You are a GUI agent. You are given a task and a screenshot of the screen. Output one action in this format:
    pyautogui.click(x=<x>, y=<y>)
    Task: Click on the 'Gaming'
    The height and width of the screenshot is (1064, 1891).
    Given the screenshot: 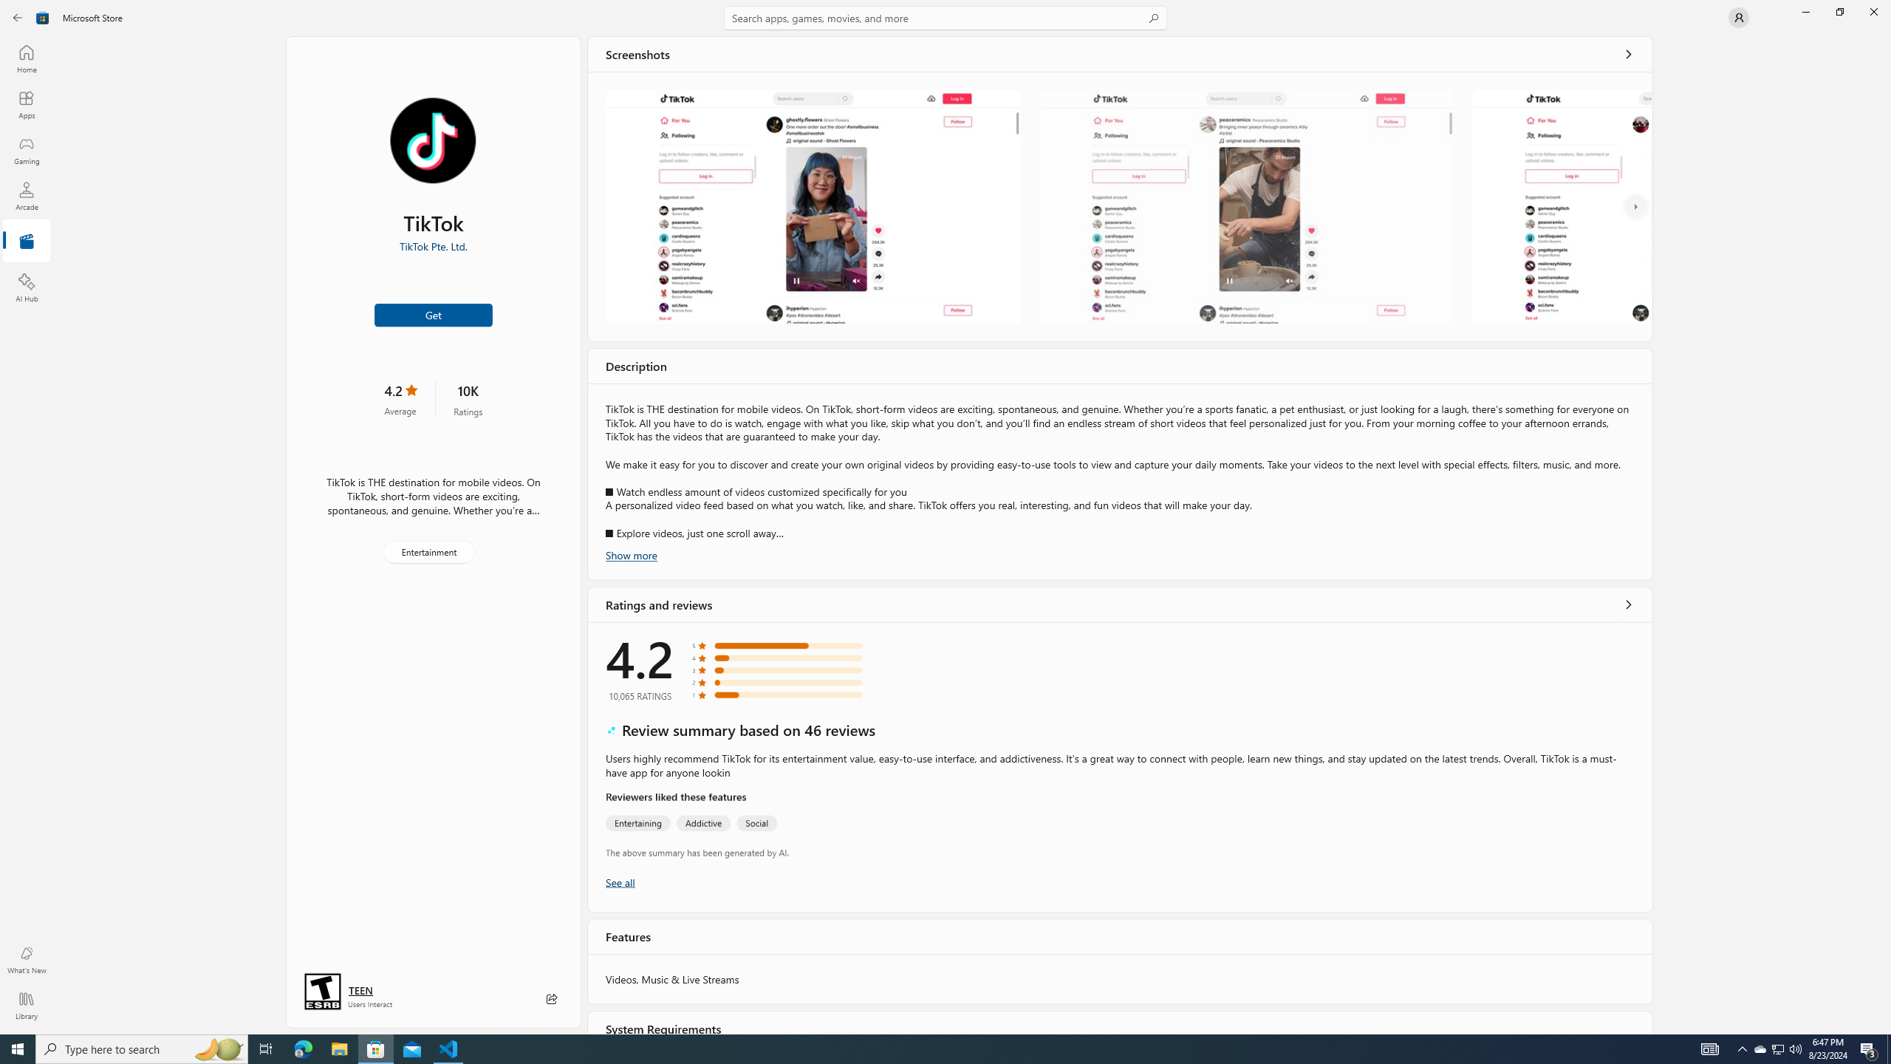 What is the action you would take?
    pyautogui.click(x=25, y=149)
    